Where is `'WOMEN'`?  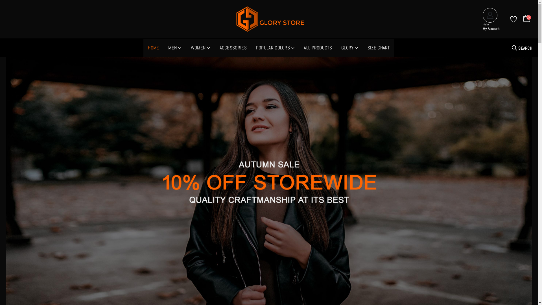
'WOMEN' is located at coordinates (200, 47).